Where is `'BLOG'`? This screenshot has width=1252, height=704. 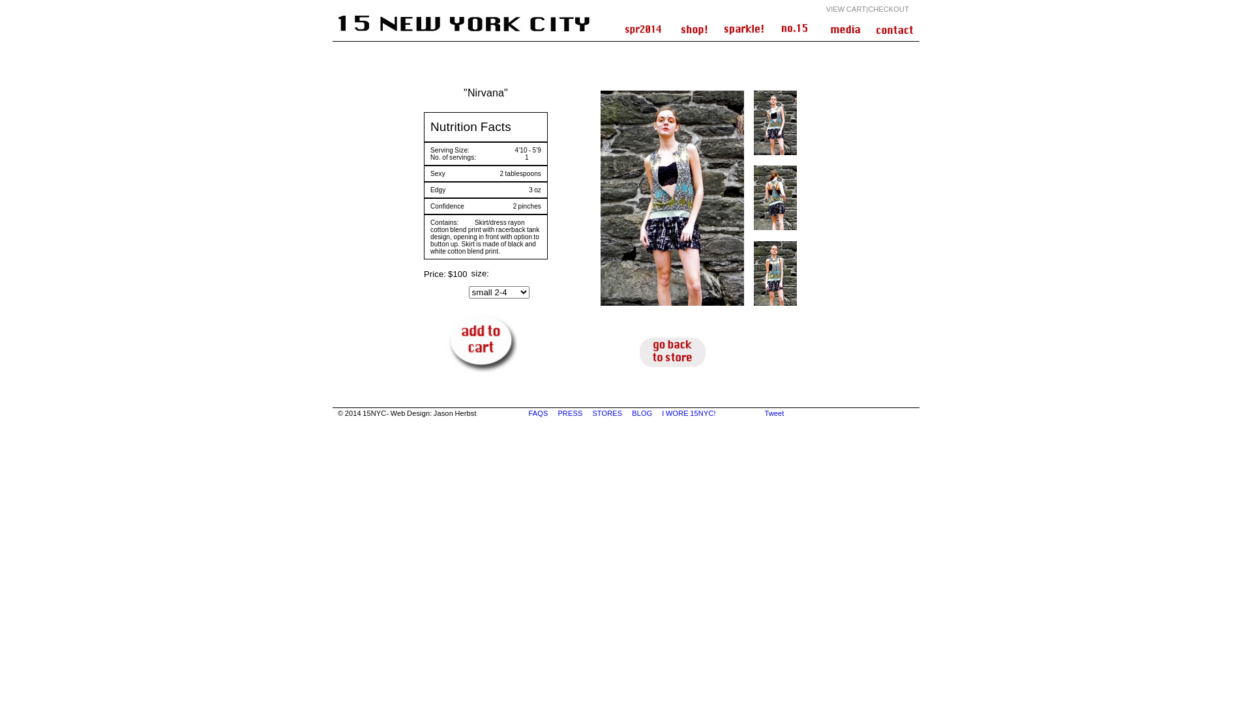
'BLOG' is located at coordinates (642, 413).